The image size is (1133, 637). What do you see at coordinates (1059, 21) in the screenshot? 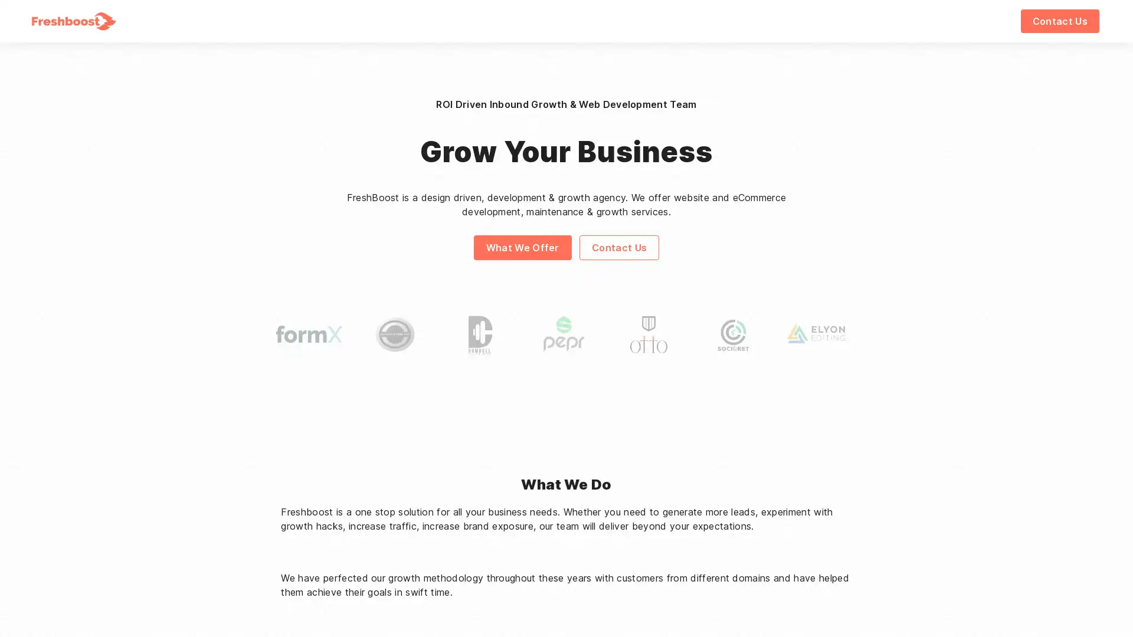
I see `Contact Us` at bounding box center [1059, 21].